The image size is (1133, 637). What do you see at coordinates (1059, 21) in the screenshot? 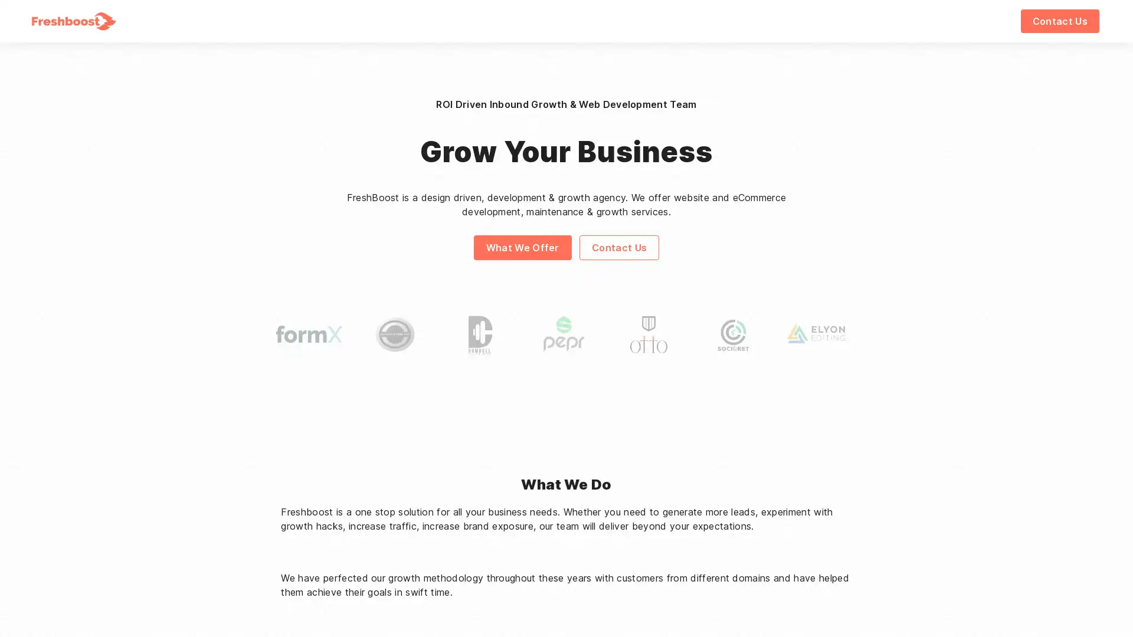
I see `Contact Us` at bounding box center [1059, 21].